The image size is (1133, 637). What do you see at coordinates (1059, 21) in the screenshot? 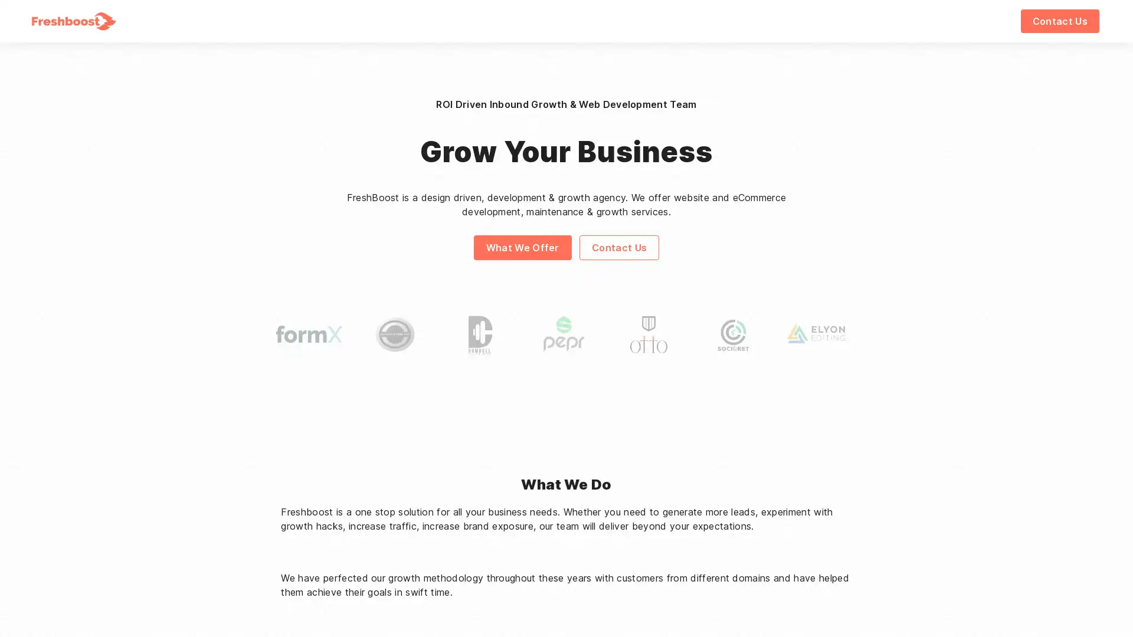
I see `Contact Us` at bounding box center [1059, 21].